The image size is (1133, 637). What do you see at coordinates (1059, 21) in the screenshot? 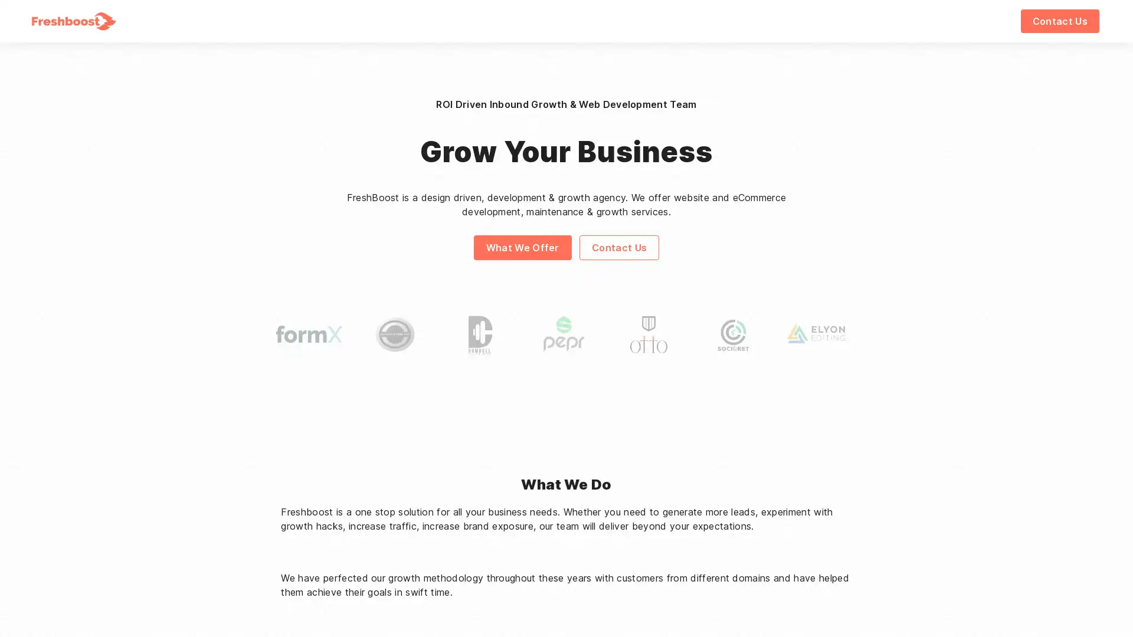
I see `Contact Us` at bounding box center [1059, 21].